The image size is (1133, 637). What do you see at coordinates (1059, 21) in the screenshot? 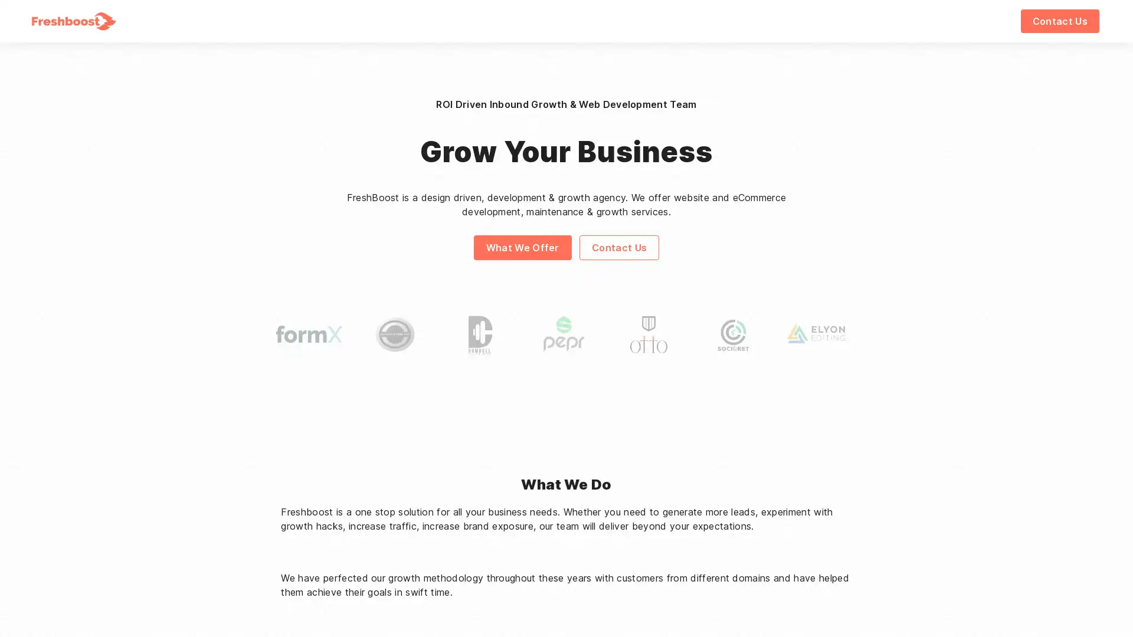
I see `Contact Us` at bounding box center [1059, 21].